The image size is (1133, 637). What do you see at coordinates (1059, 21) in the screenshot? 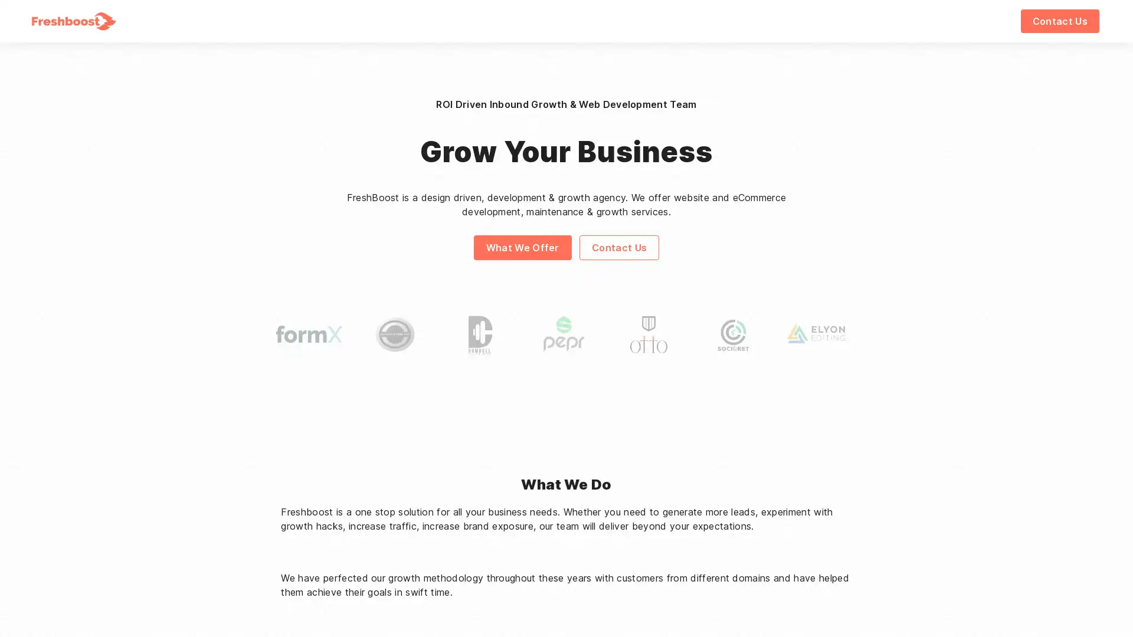
I see `Contact Us` at bounding box center [1059, 21].